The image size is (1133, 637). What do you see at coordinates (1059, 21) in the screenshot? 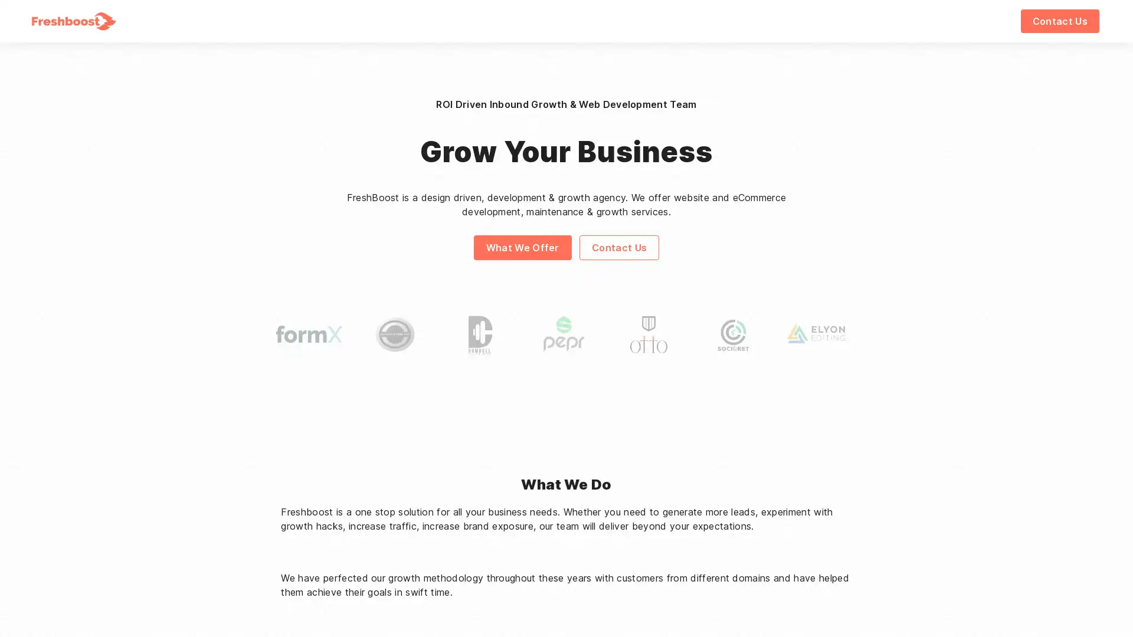
I see `Contact Us` at bounding box center [1059, 21].